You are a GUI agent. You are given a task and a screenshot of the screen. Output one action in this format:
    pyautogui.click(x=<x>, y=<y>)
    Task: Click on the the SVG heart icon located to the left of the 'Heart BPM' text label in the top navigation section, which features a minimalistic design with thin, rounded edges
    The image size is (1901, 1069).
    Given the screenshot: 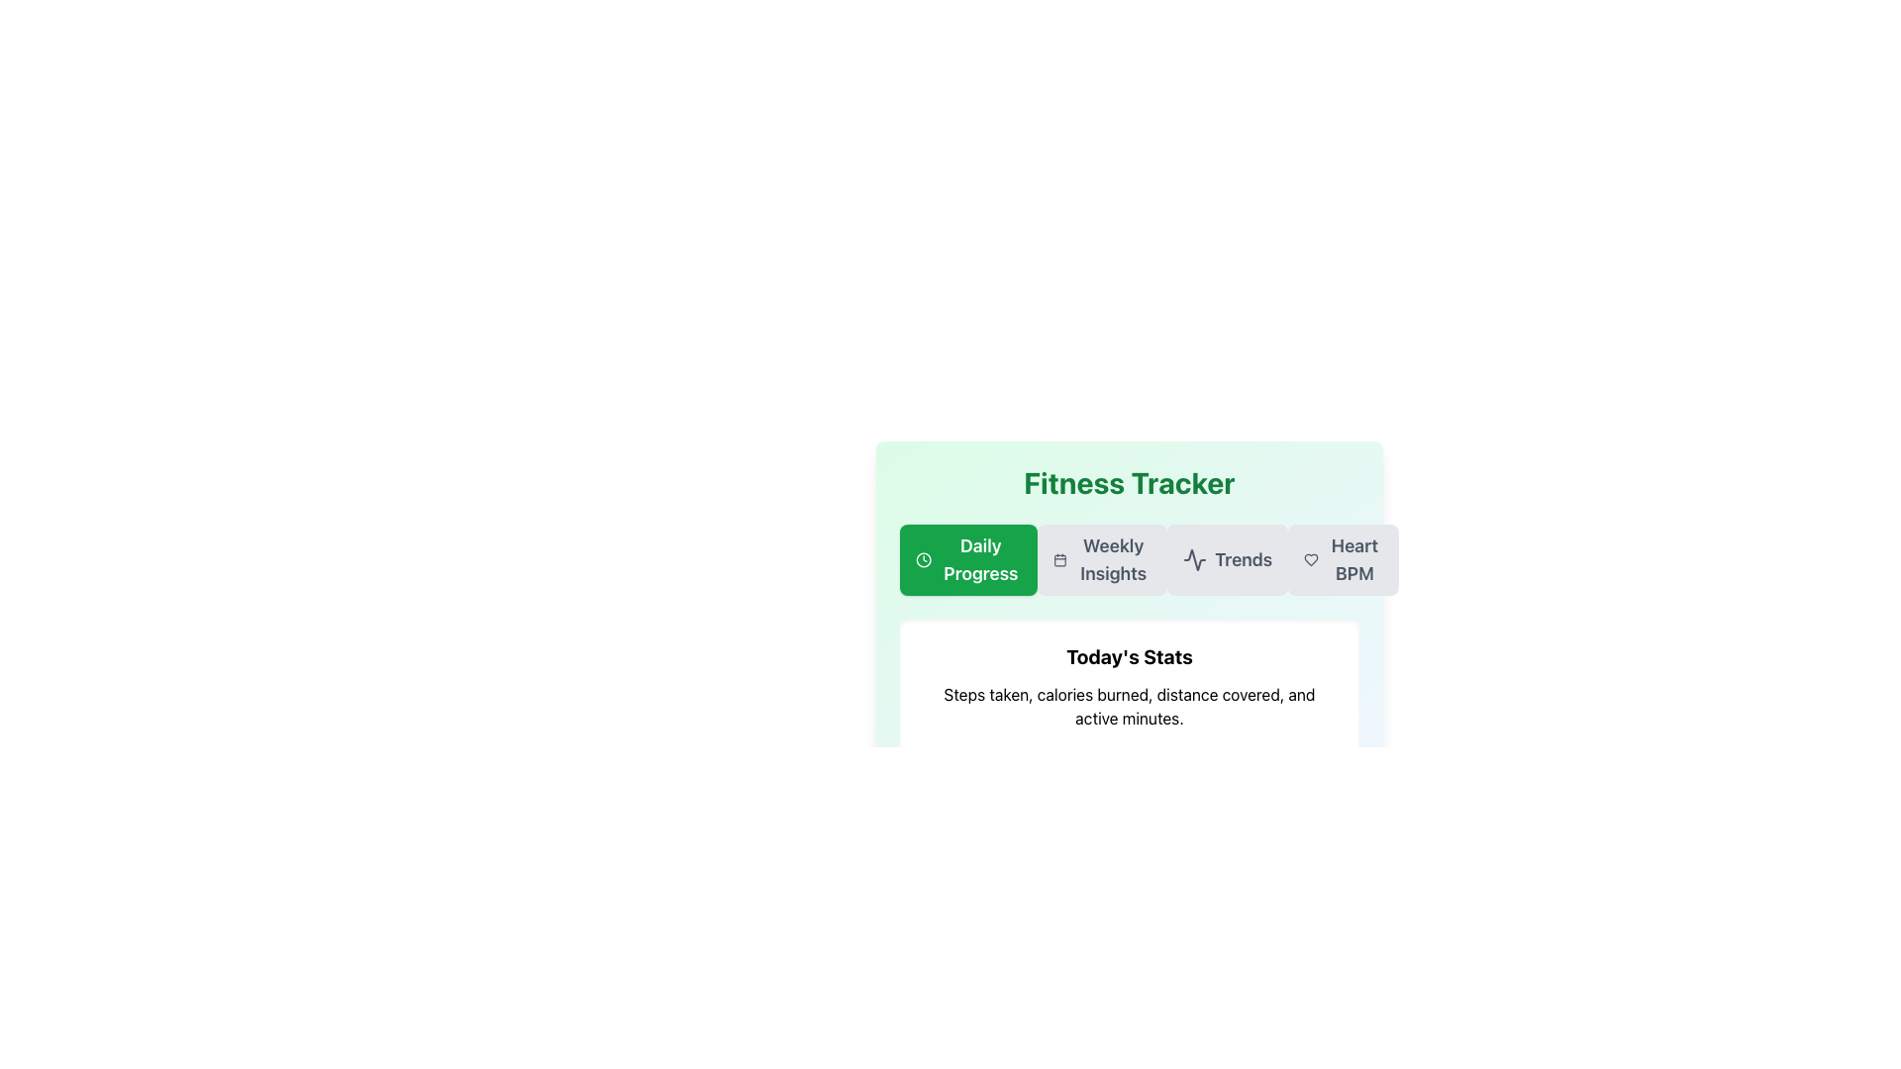 What is the action you would take?
    pyautogui.click(x=1311, y=560)
    